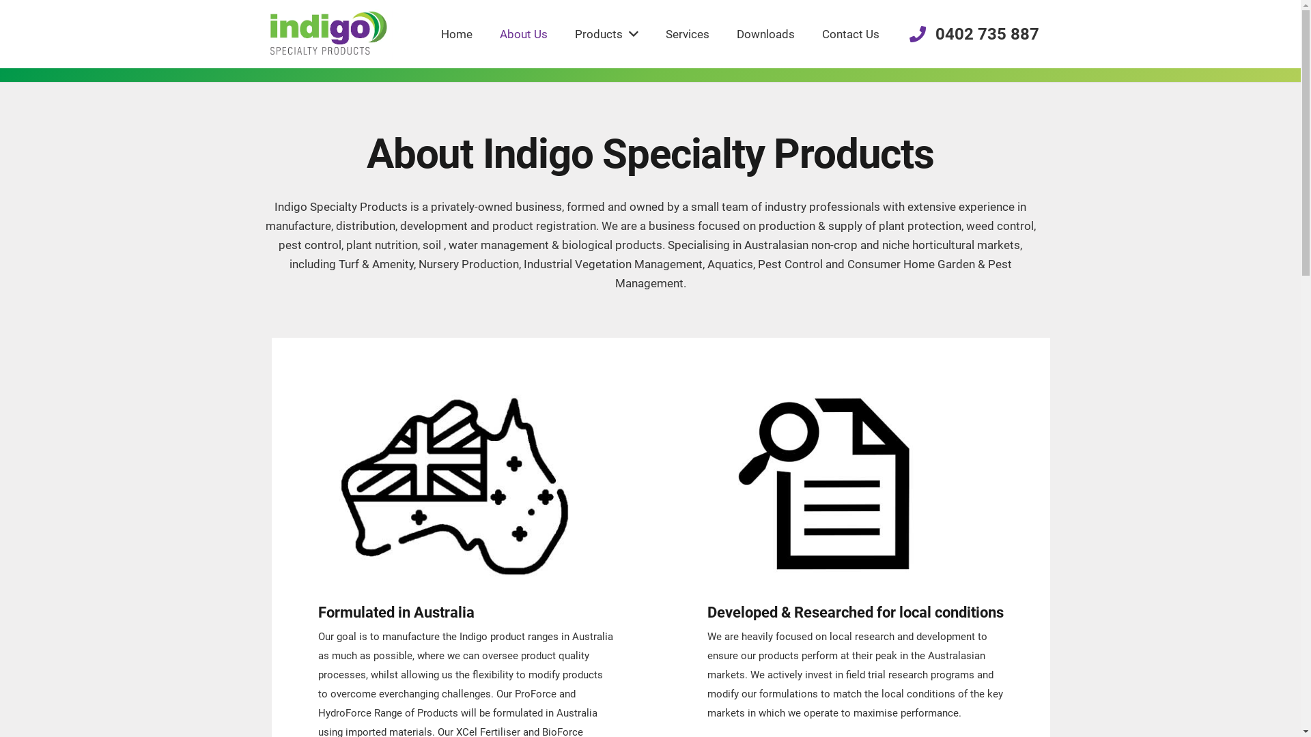 The image size is (1311, 737). What do you see at coordinates (850, 33) in the screenshot?
I see `'Contact Us'` at bounding box center [850, 33].